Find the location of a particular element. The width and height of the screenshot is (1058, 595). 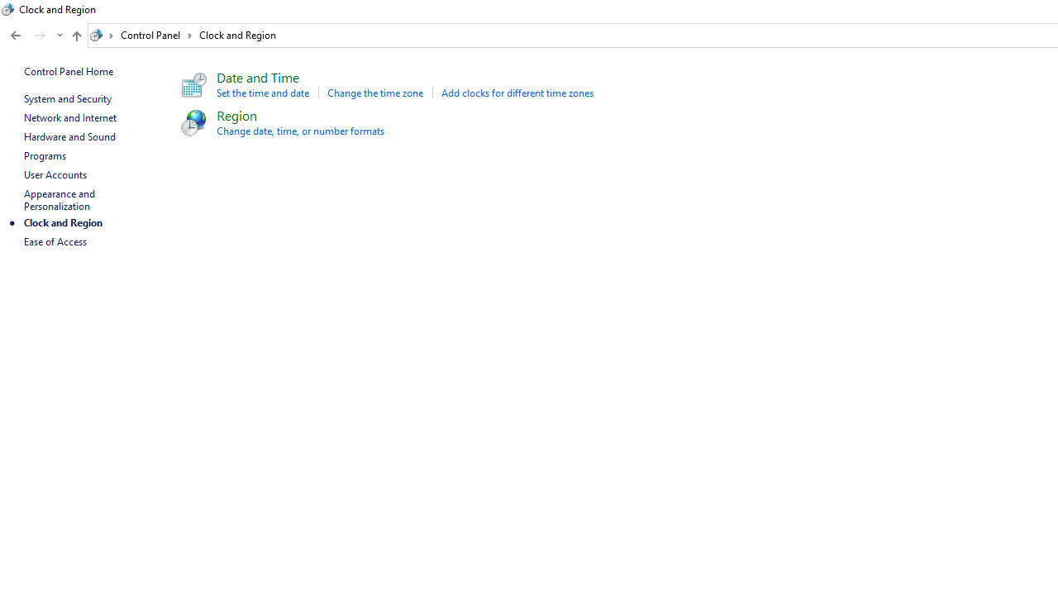

'Control Panel' is located at coordinates (156, 35).